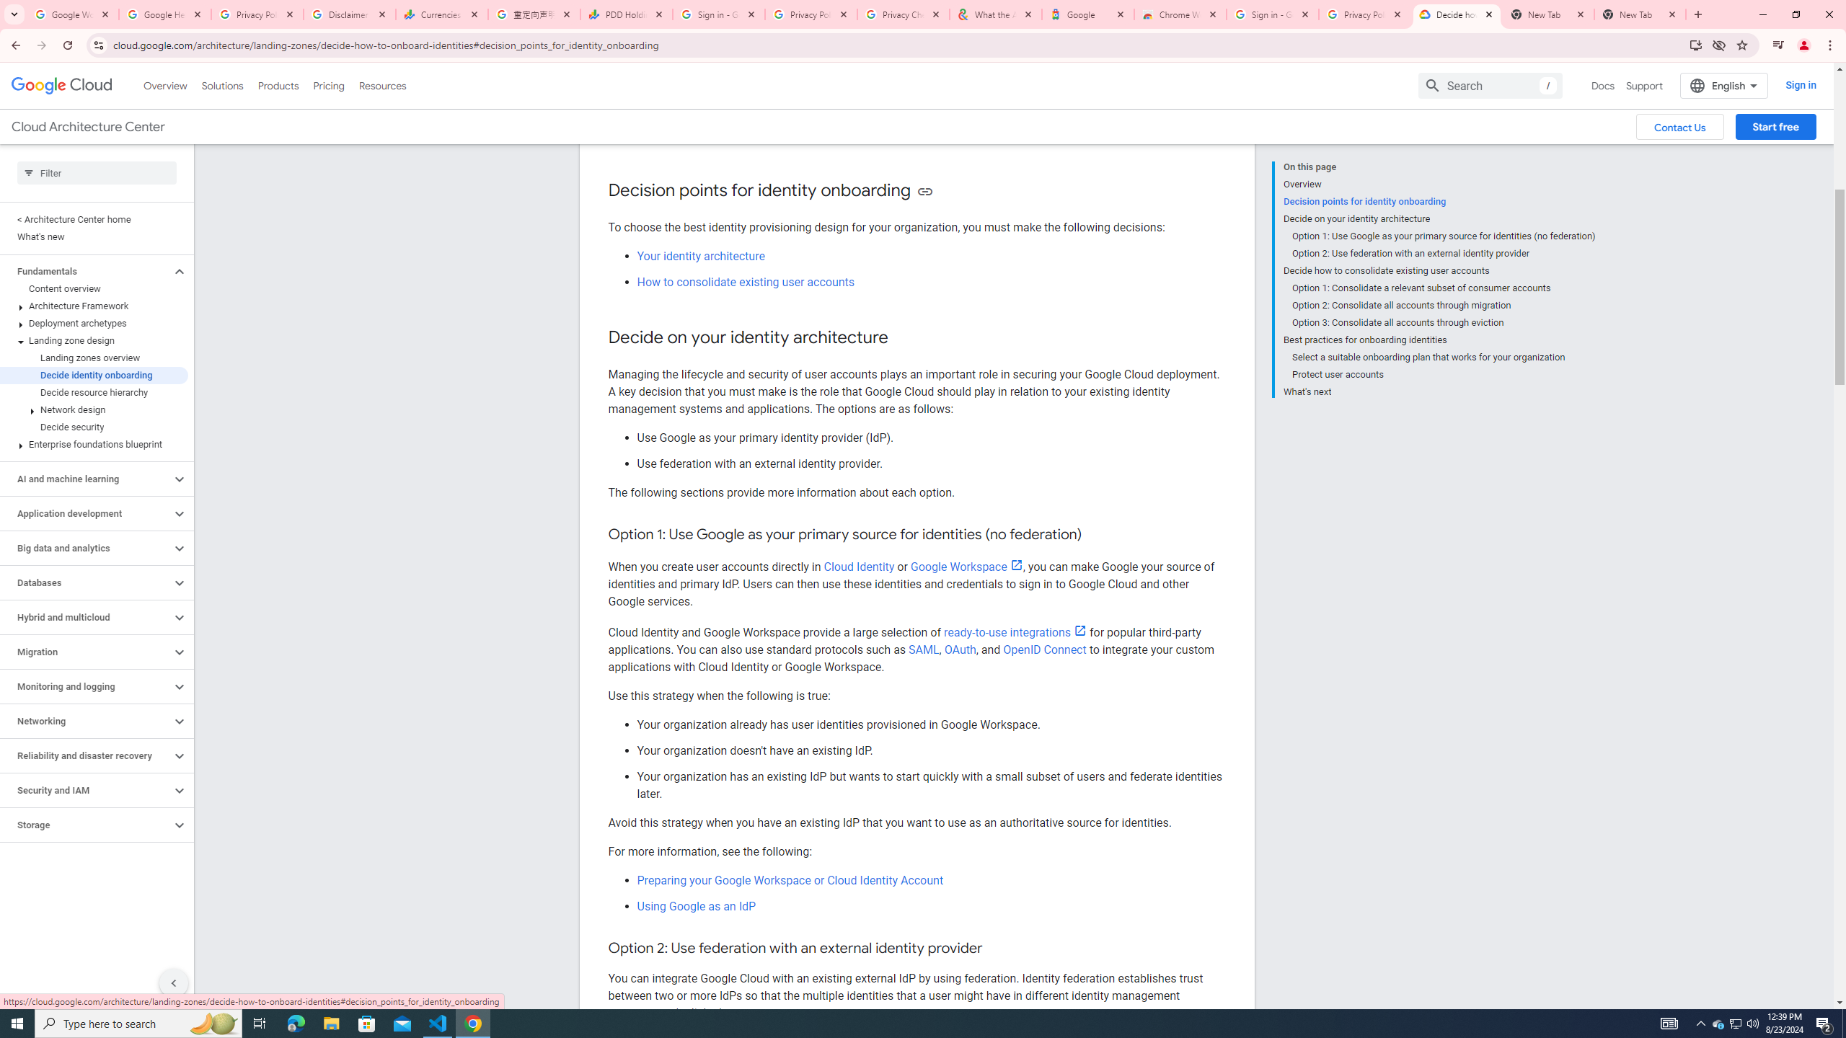 Image resolution: width=1846 pixels, height=1038 pixels. I want to click on 'What', so click(1438, 389).